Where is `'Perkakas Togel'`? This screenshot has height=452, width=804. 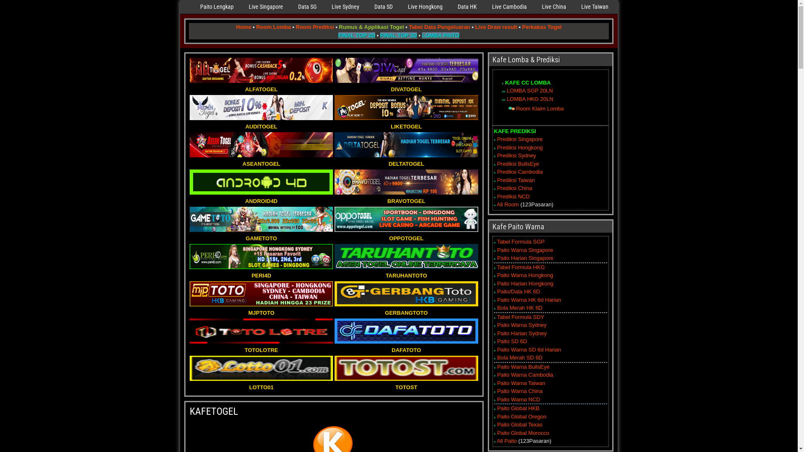 'Perkakas Togel' is located at coordinates (542, 26).